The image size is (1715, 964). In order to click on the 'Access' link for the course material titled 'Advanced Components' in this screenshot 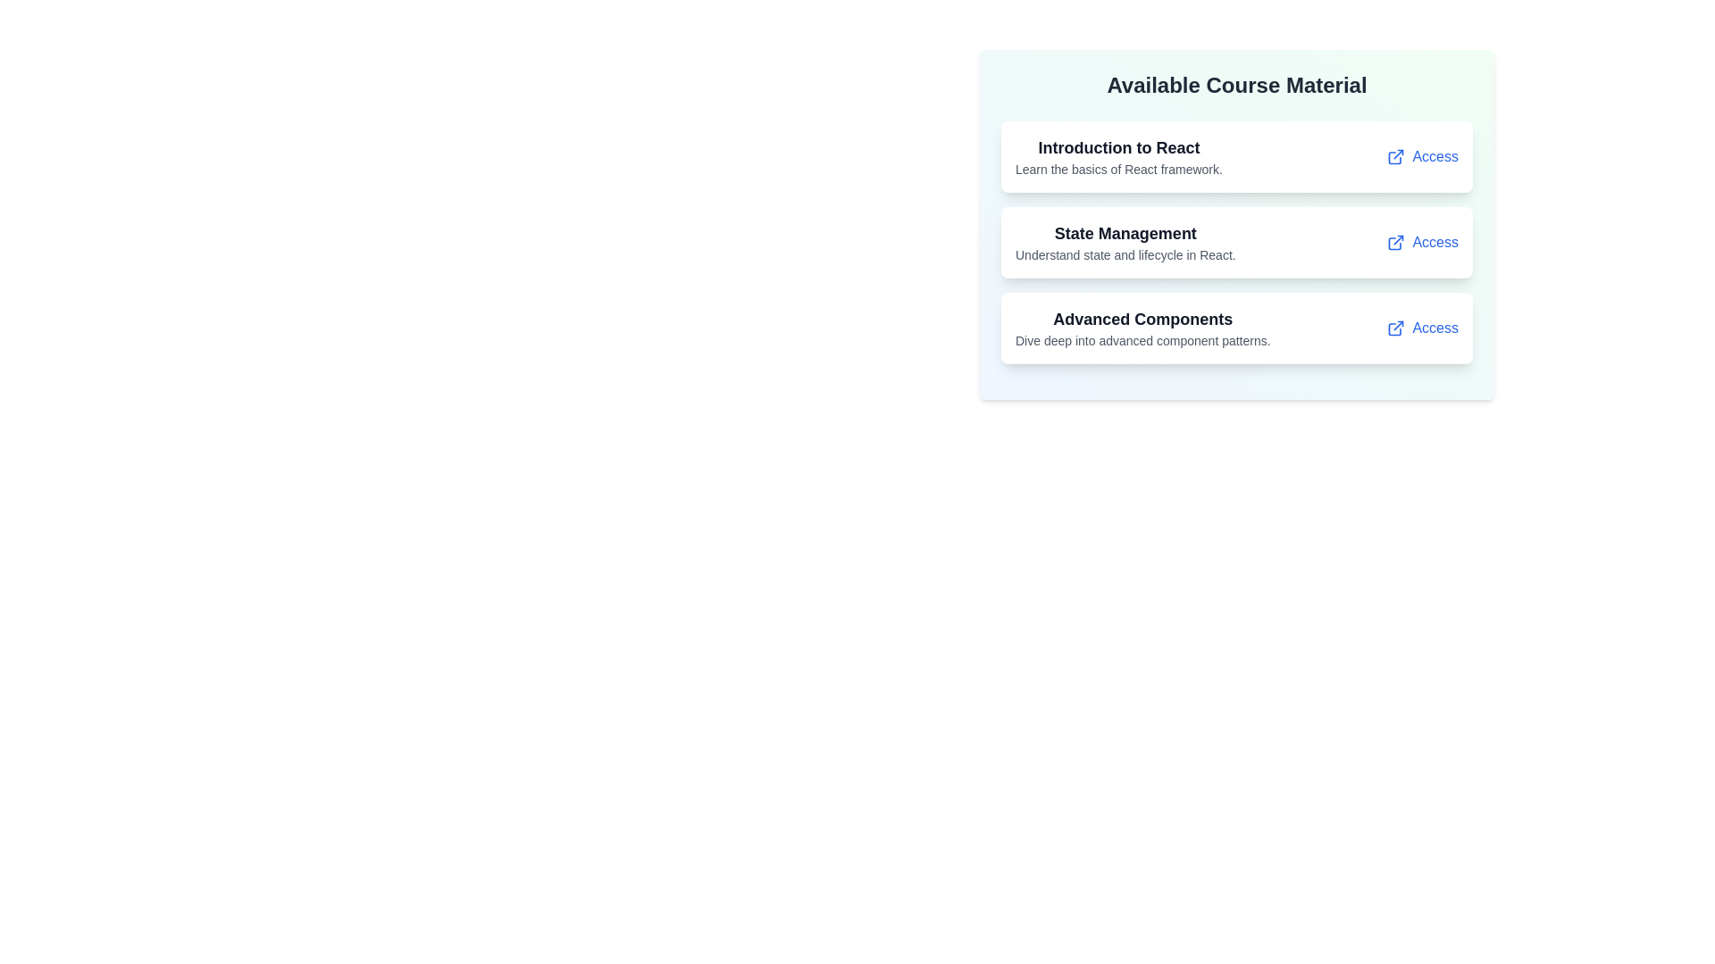, I will do `click(1422, 328)`.